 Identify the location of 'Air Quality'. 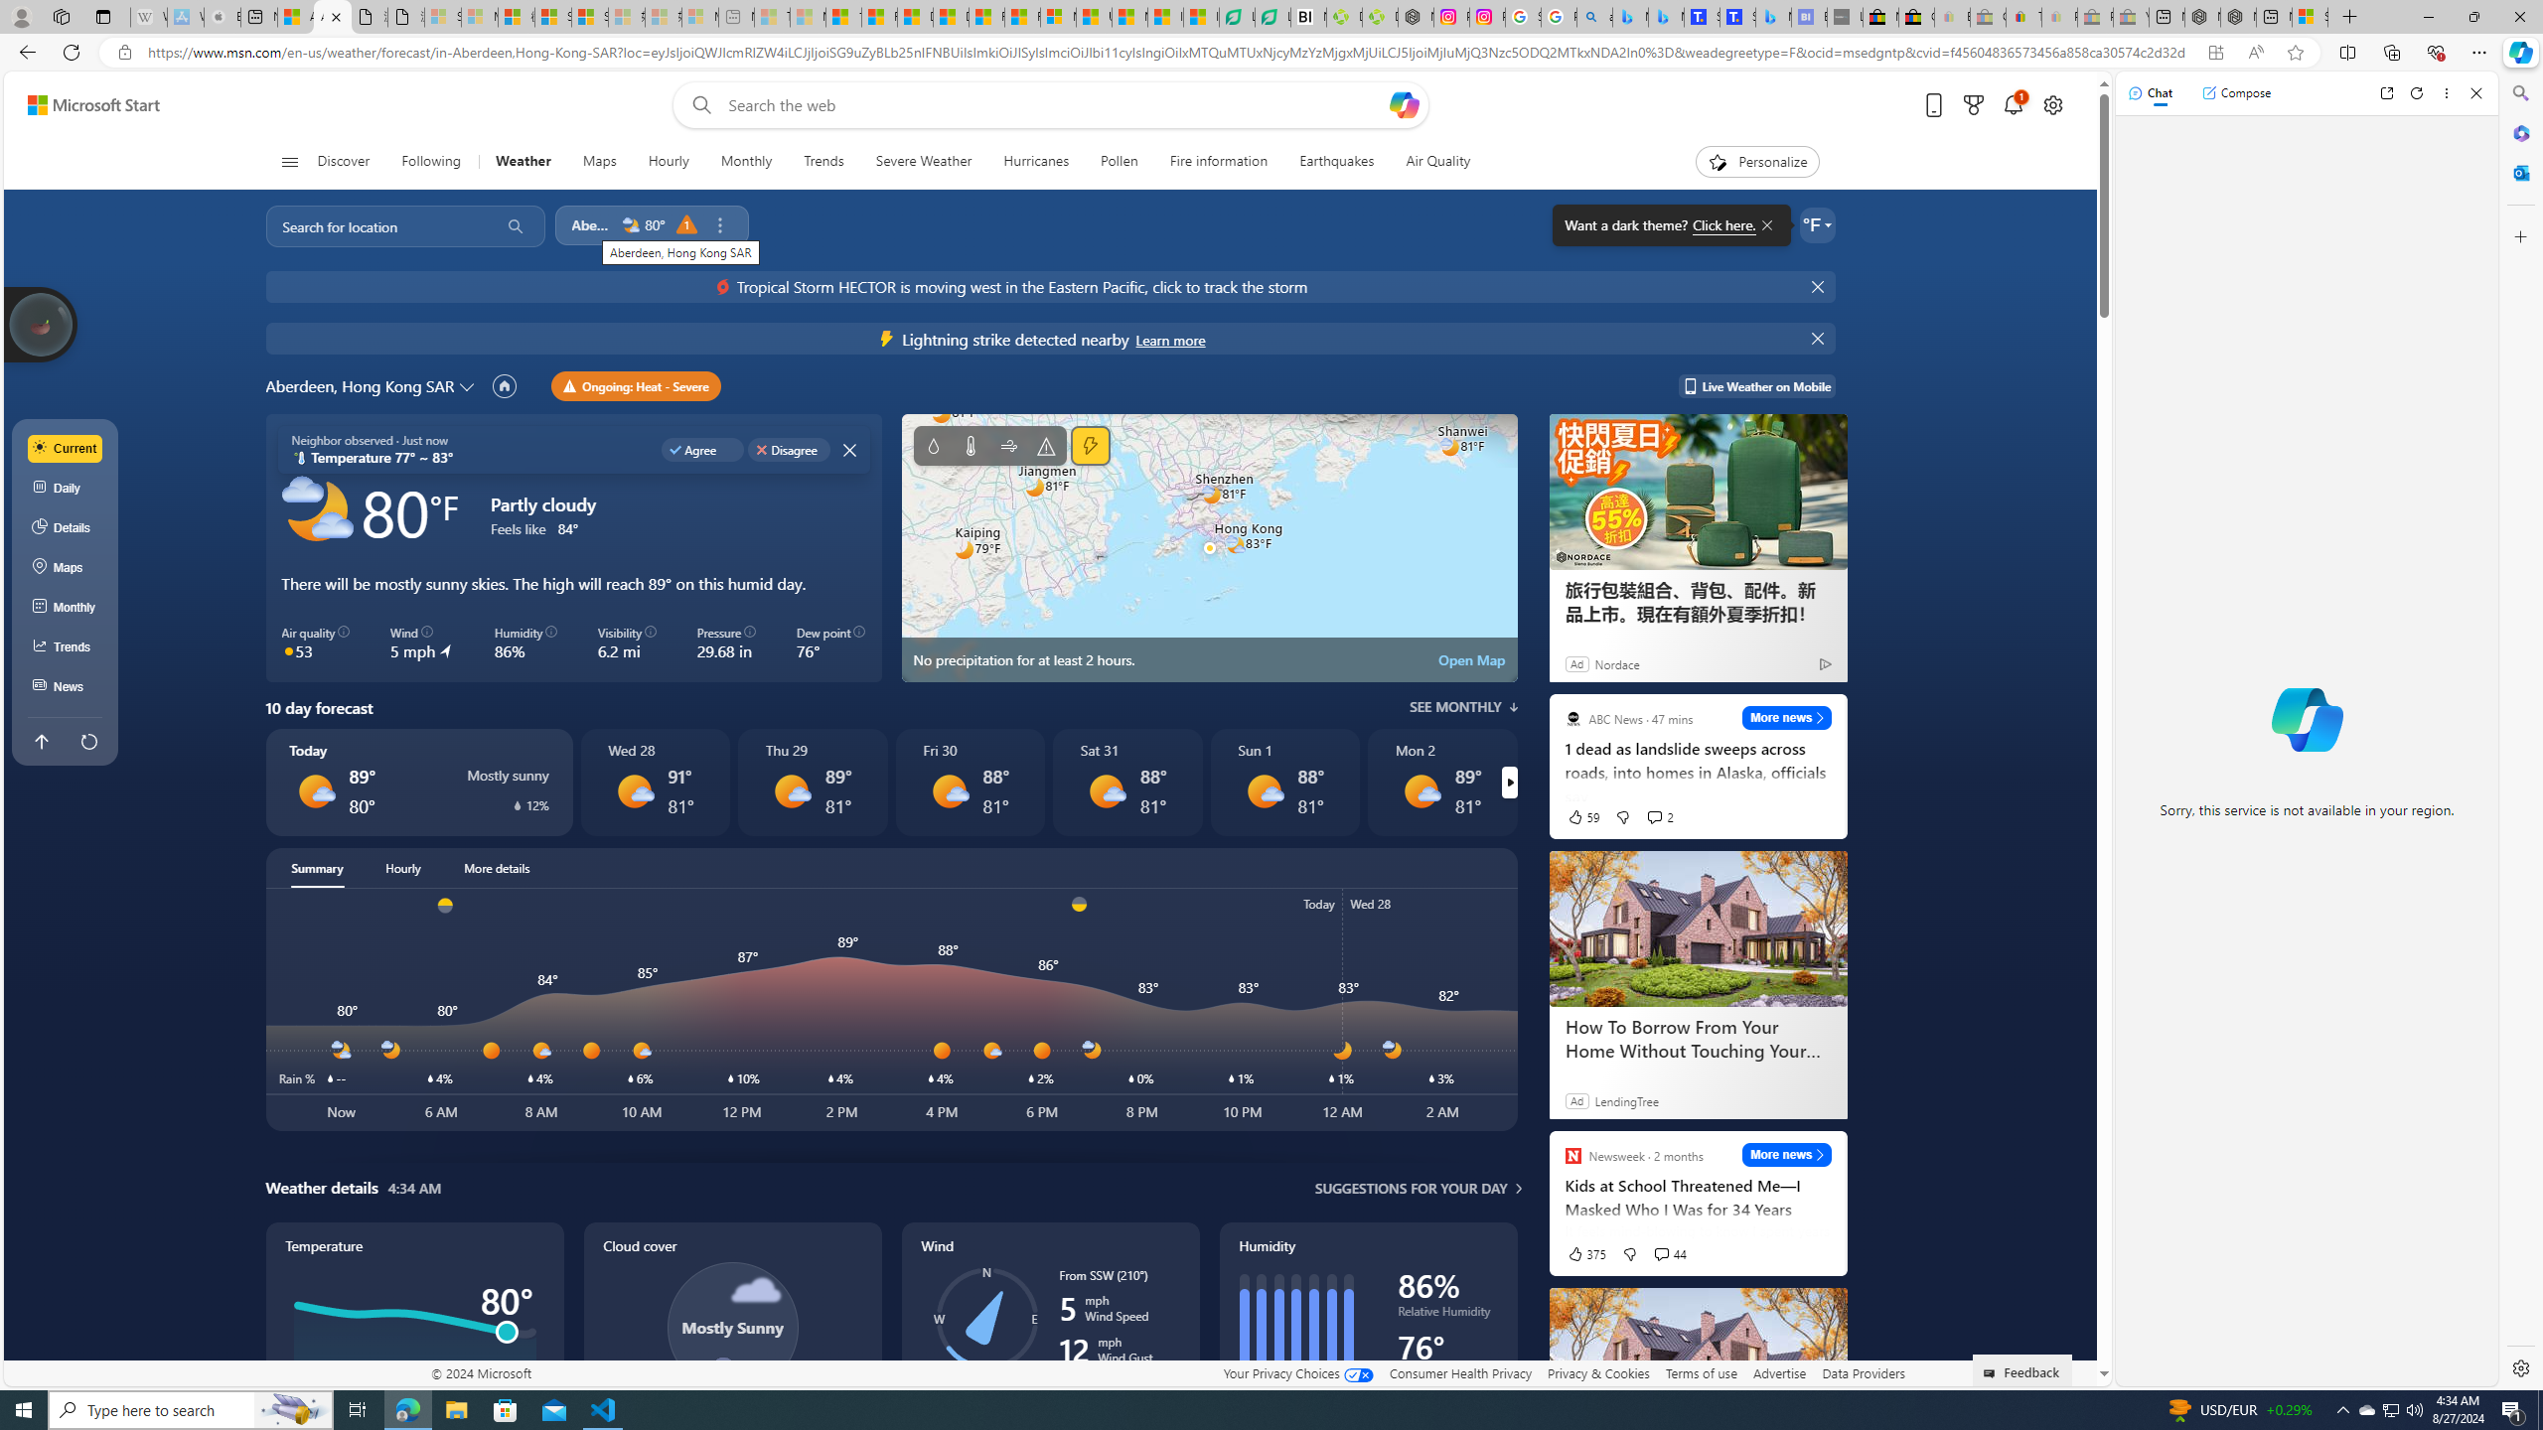
(1429, 161).